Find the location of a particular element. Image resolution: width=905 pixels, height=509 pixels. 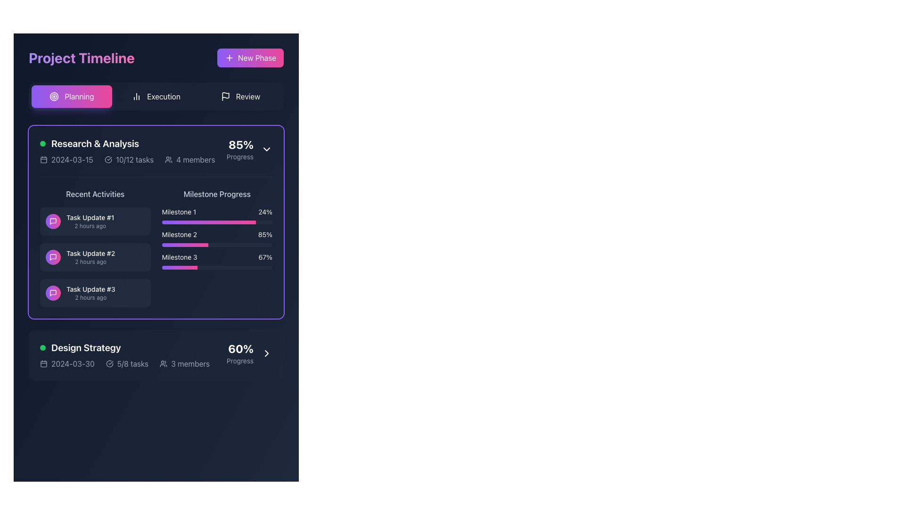

the 'Review' text label in the navigation bar is located at coordinates (248, 96).